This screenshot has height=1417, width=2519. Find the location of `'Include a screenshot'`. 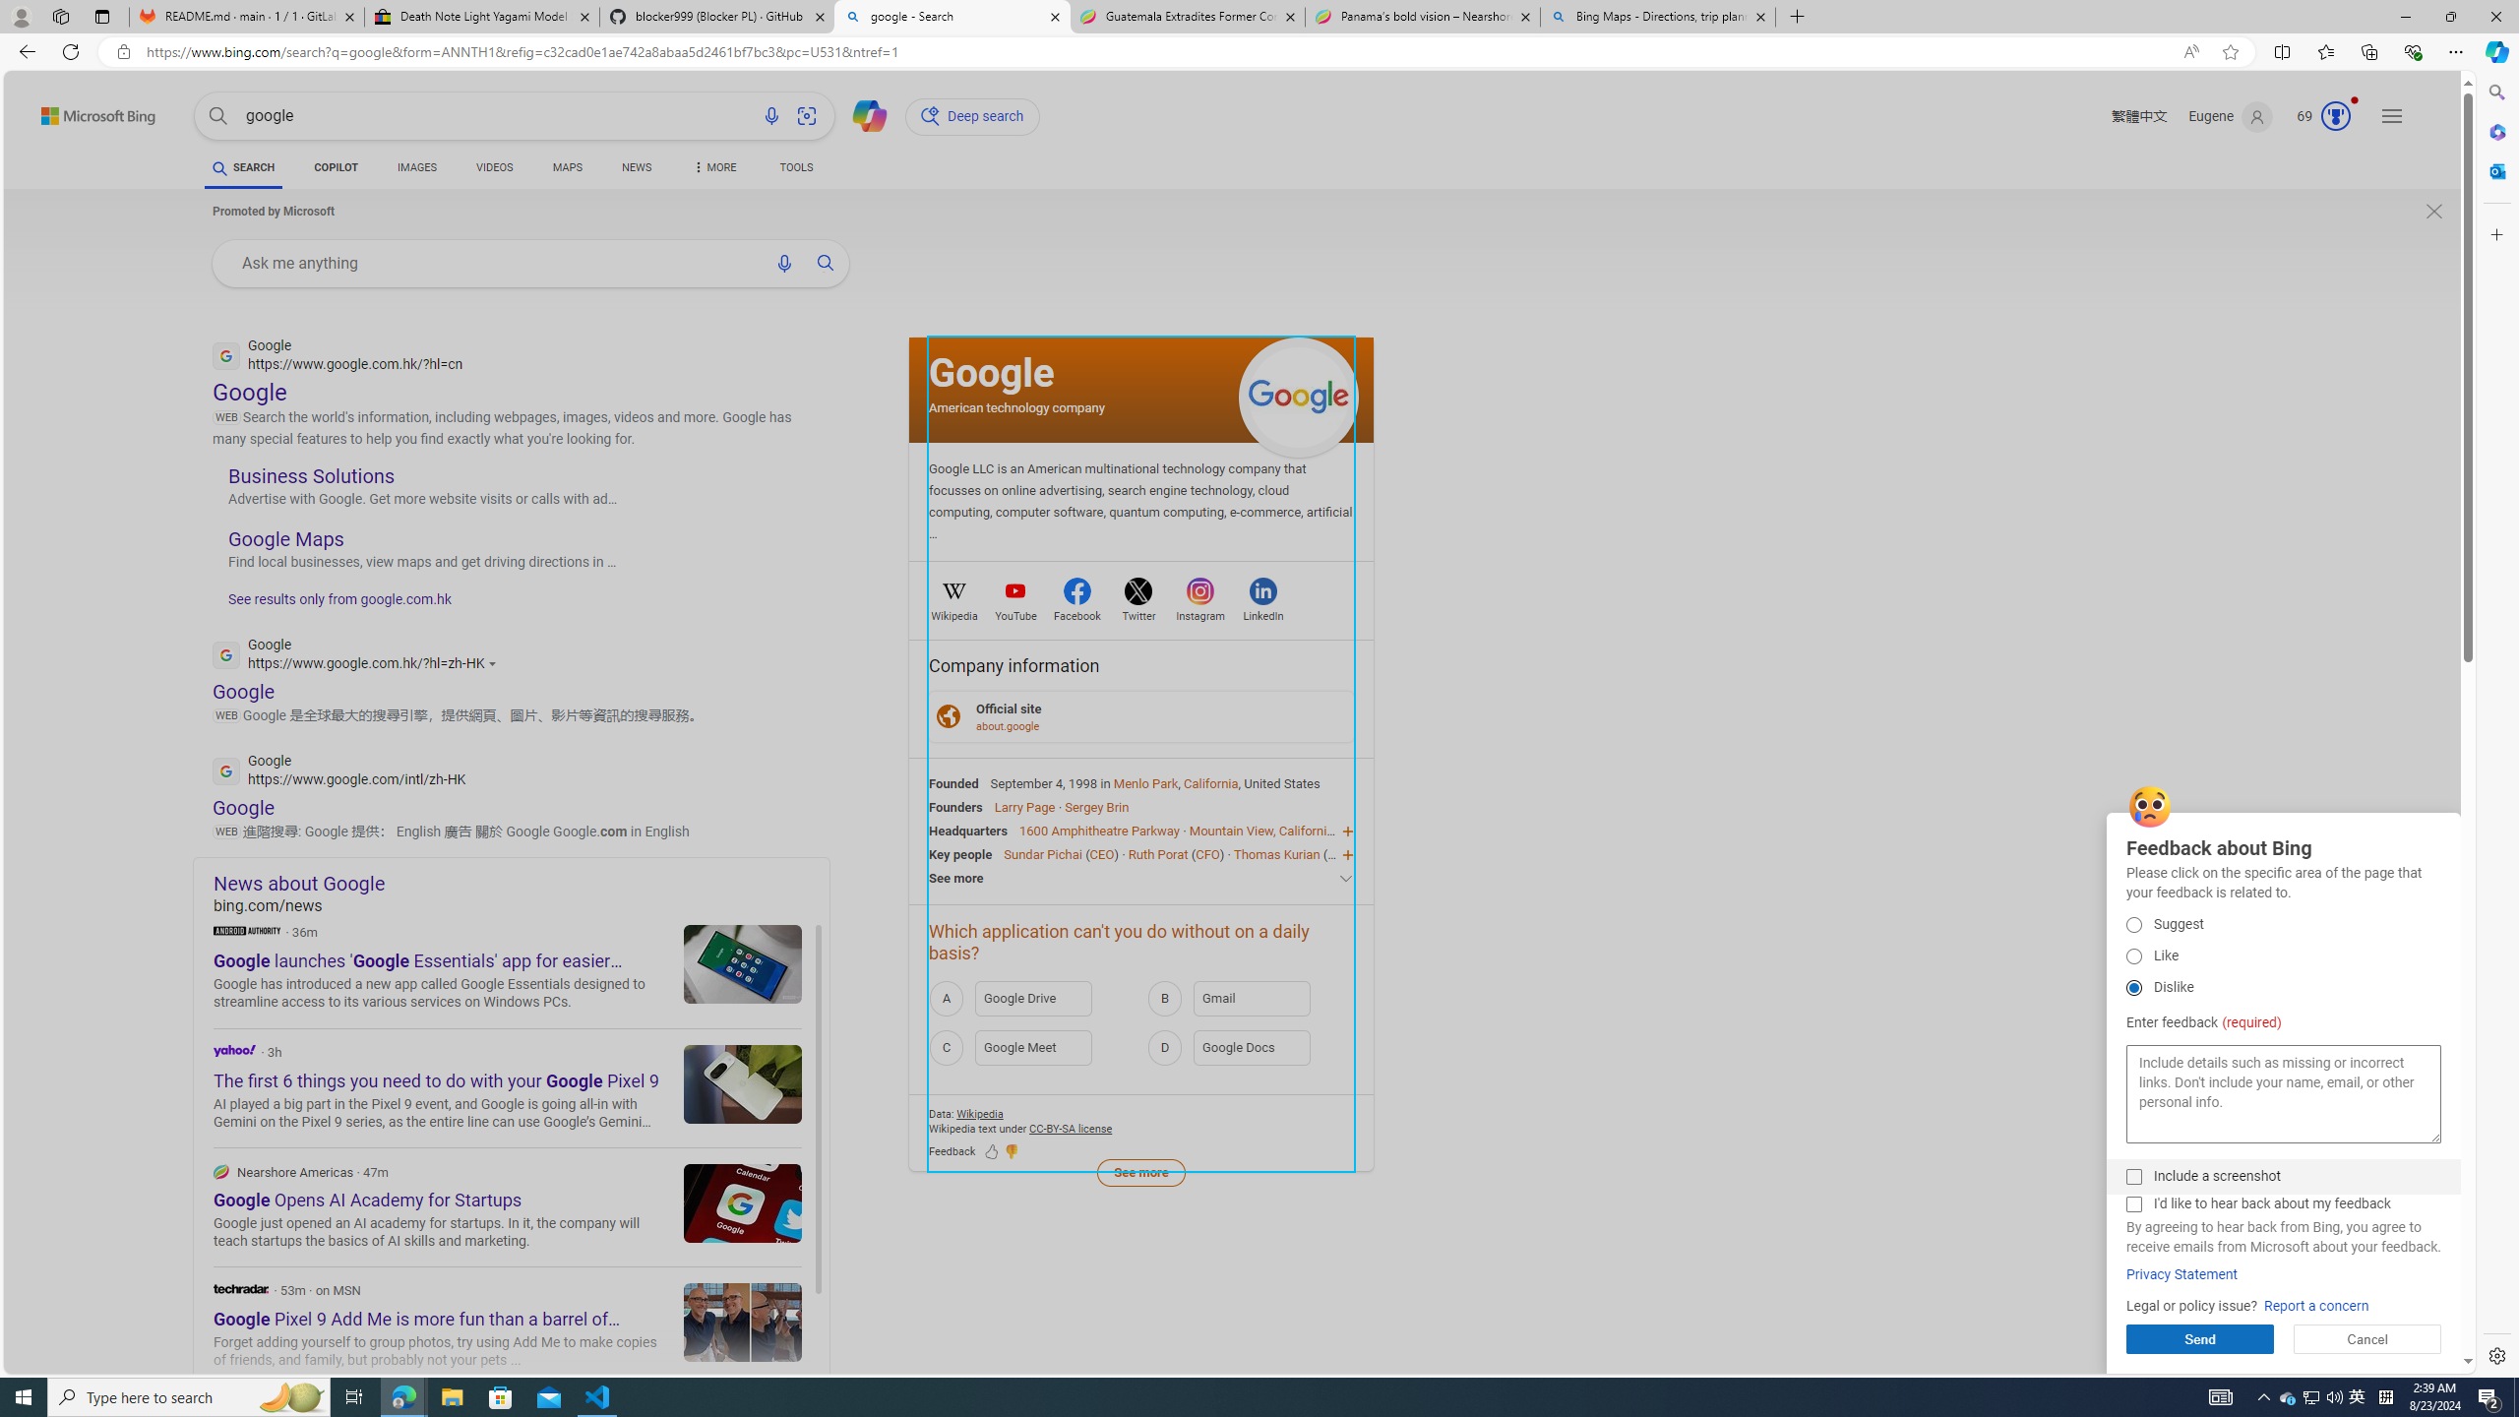

'Include a screenshot' is located at coordinates (2133, 1175).